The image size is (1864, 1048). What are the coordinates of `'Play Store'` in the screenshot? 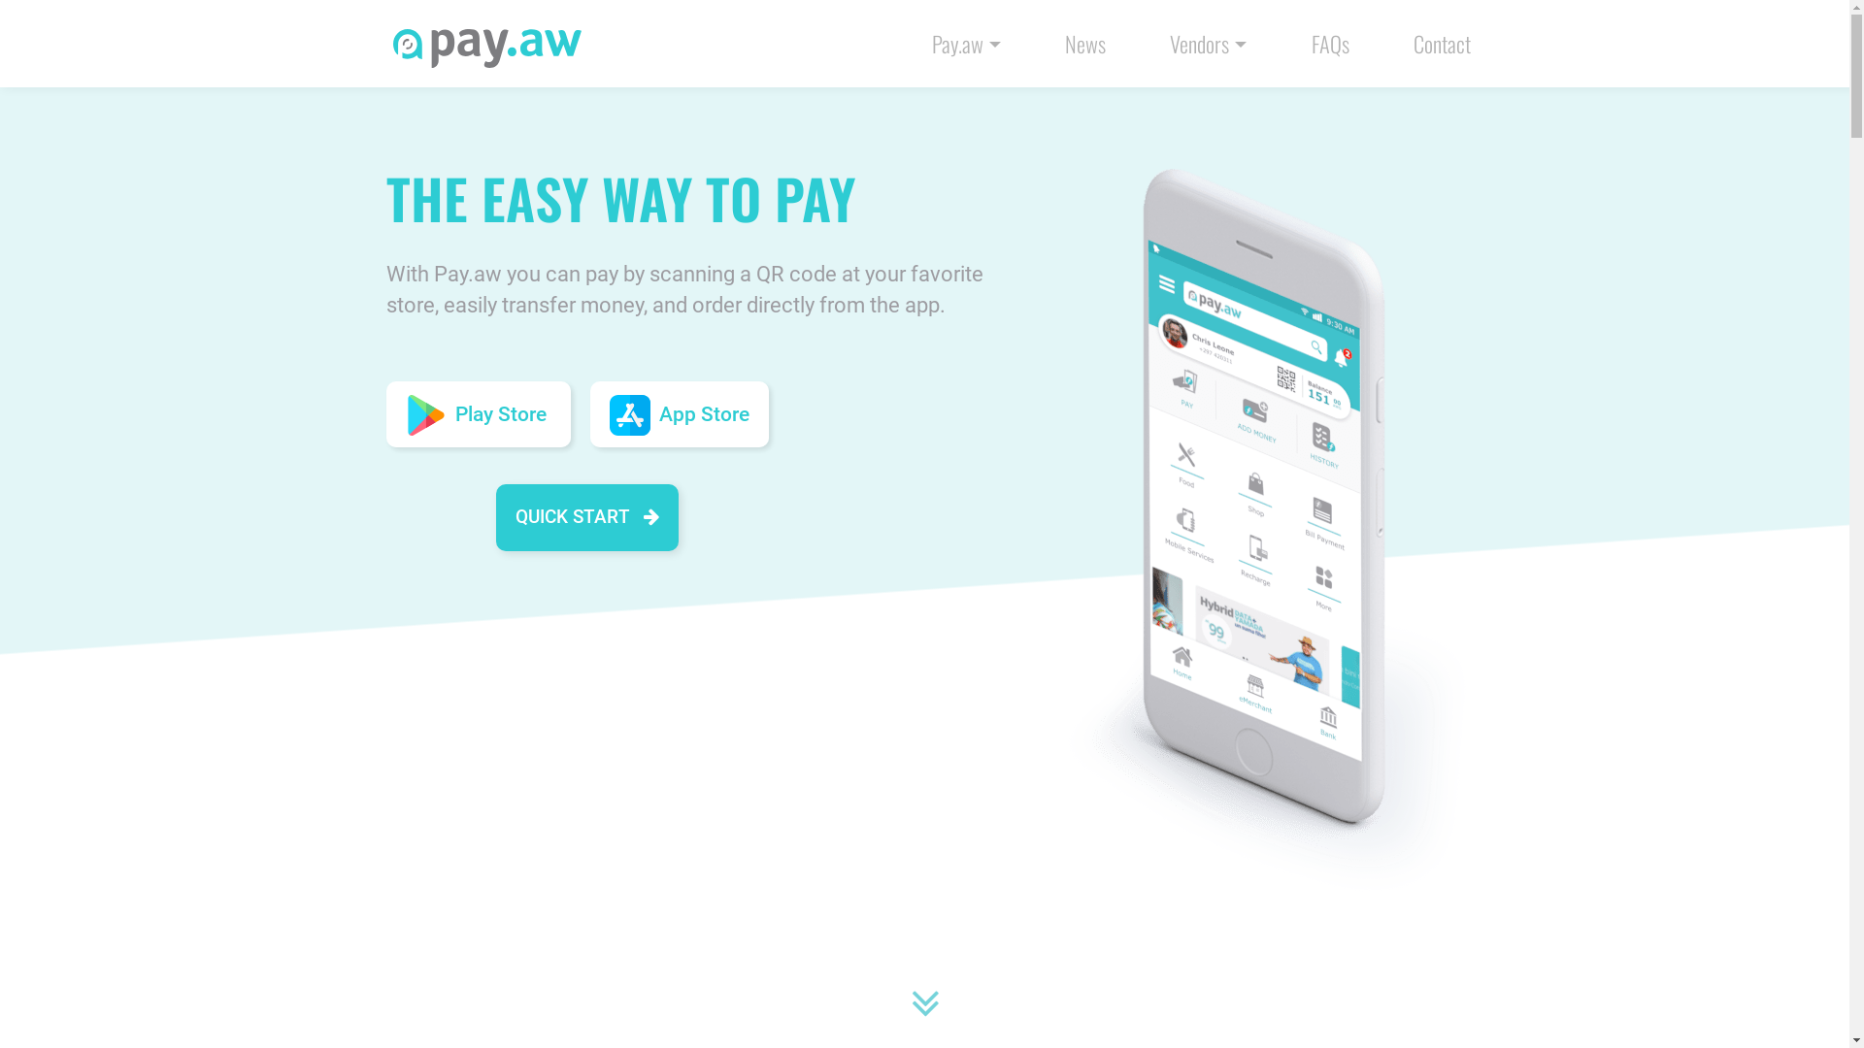 It's located at (479, 413).